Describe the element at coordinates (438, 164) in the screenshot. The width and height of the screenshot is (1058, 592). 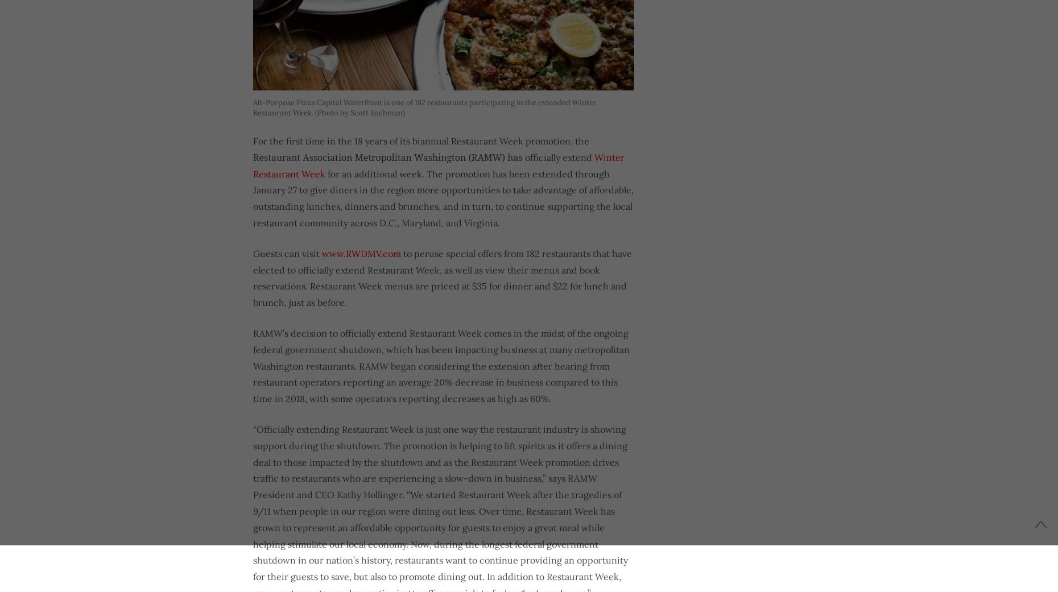
I see `'Winter Restaurant Week'` at that location.